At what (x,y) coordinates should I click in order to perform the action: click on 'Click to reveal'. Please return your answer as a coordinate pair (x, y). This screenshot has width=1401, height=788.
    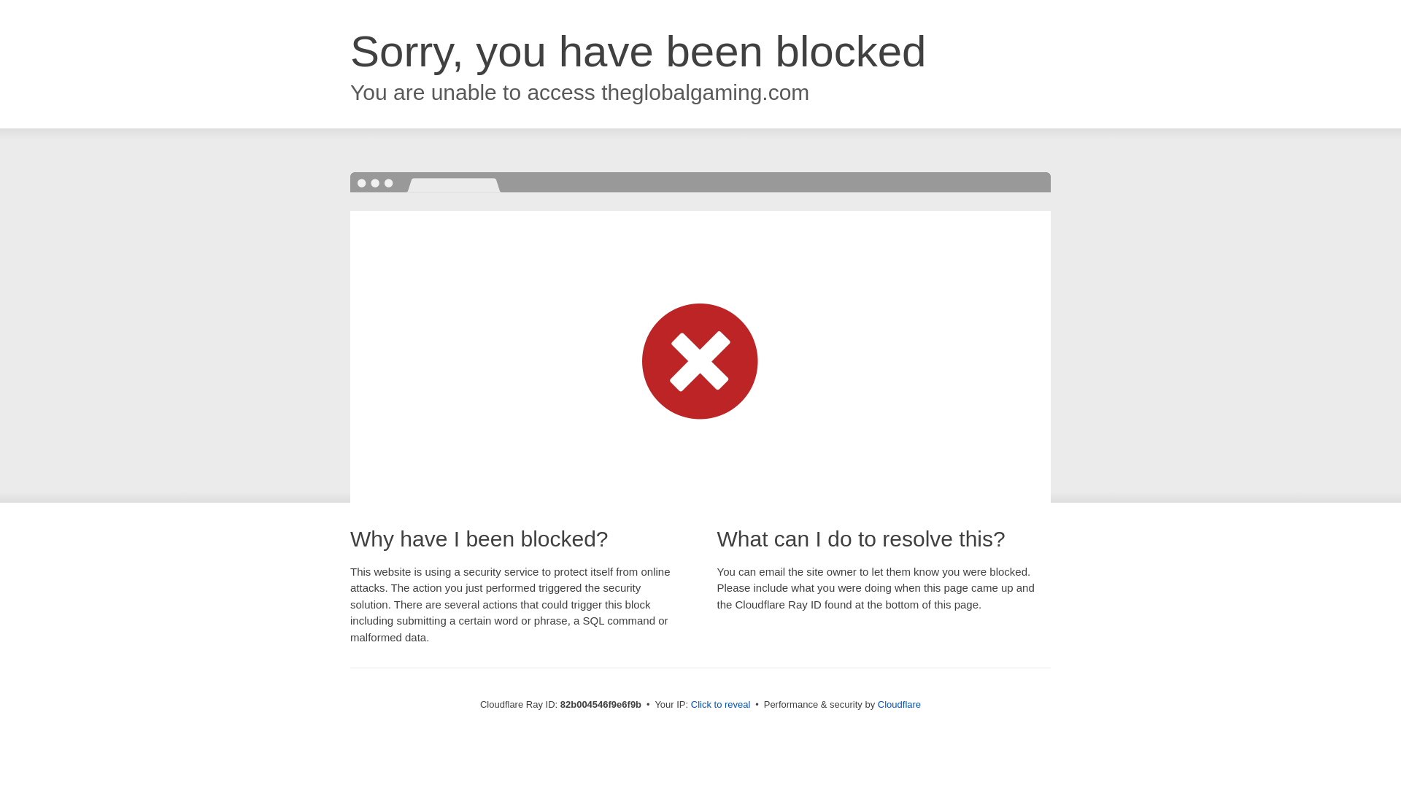
    Looking at the image, I should click on (721, 703).